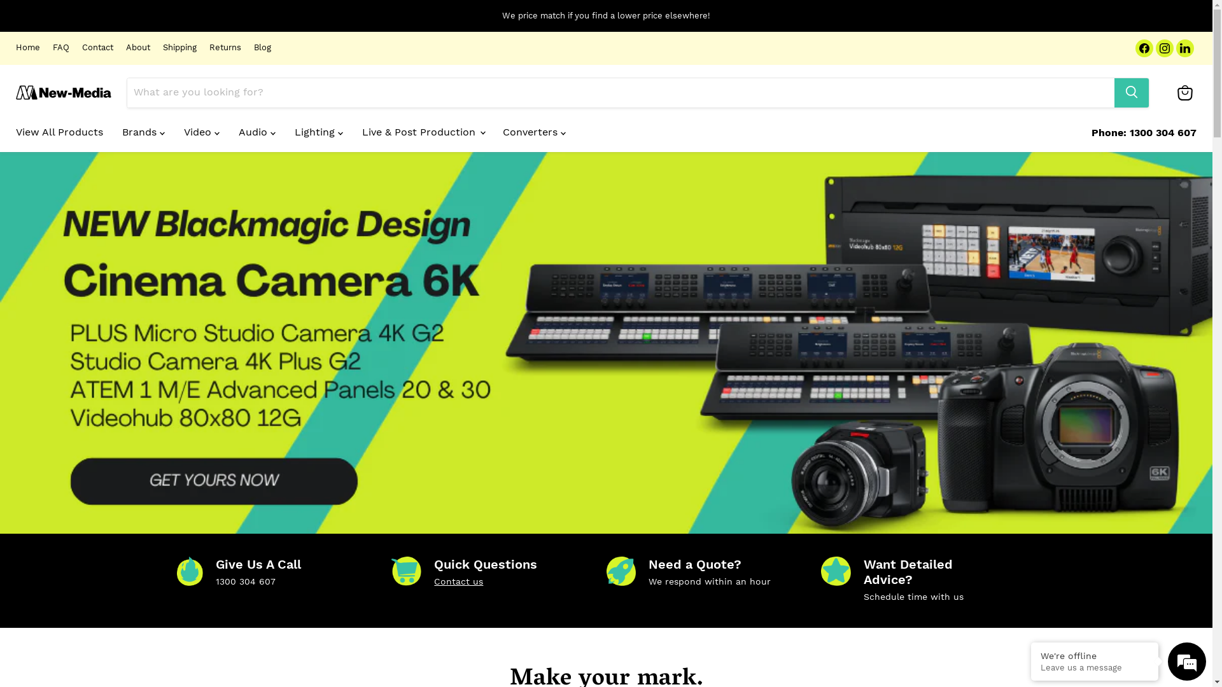  I want to click on 'FAQ', so click(60, 47).